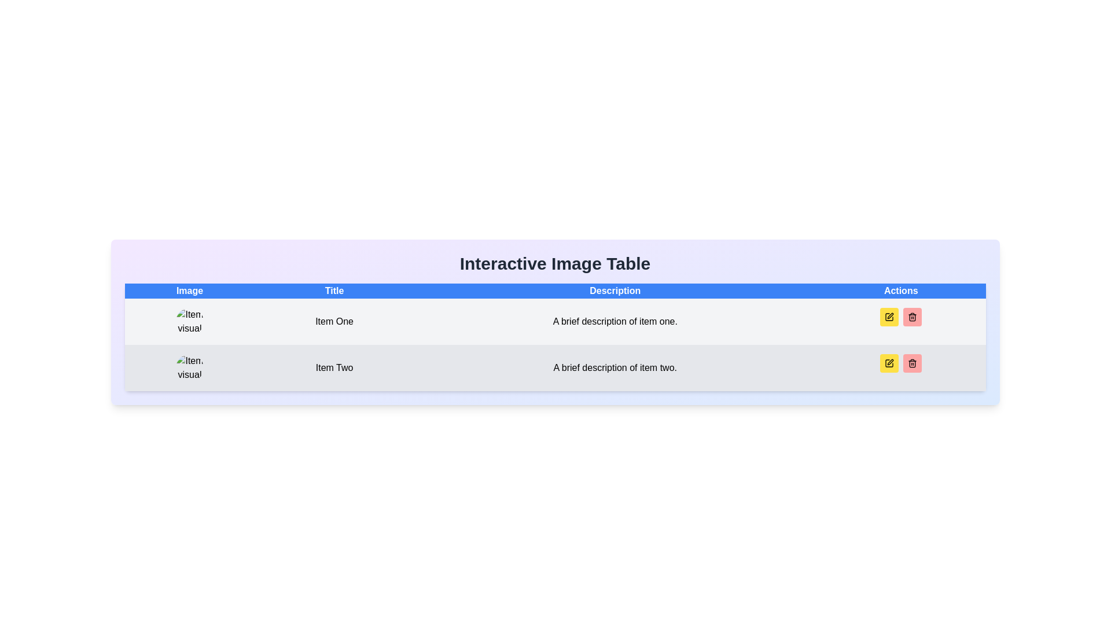  Describe the element at coordinates (554, 263) in the screenshot. I see `header text labeled 'Interactive Image Table', which is a bold, large black font aligned centrally at the top of the section` at that location.